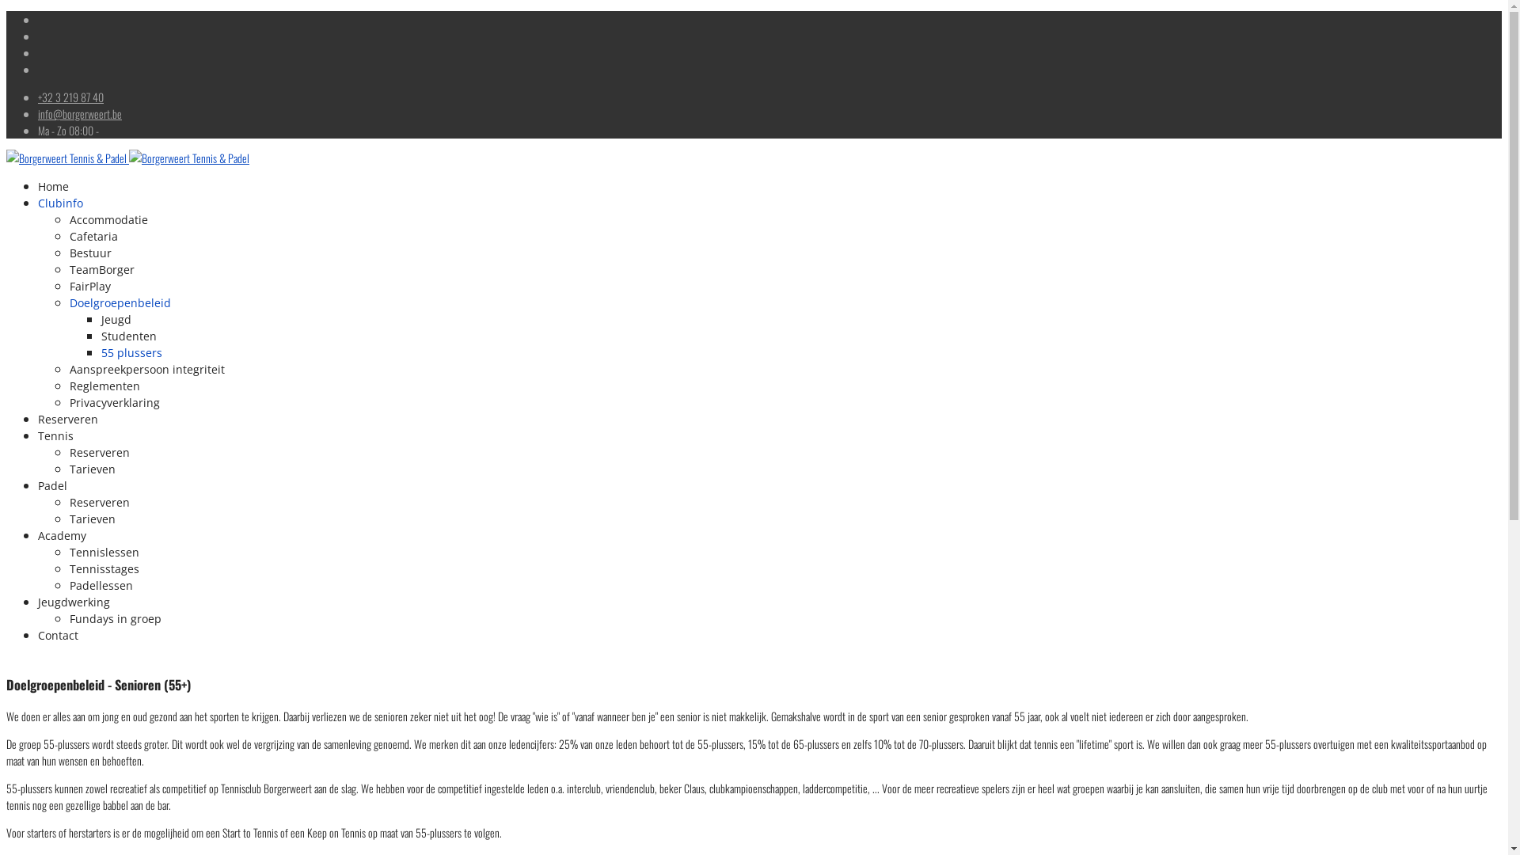 Image resolution: width=1520 pixels, height=855 pixels. I want to click on 'Contact', so click(58, 634).